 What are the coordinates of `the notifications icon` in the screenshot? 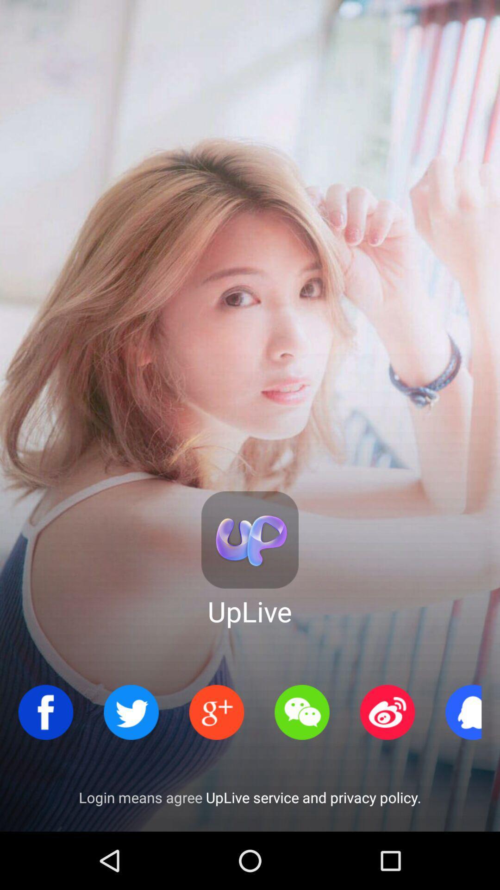 It's located at (473, 712).